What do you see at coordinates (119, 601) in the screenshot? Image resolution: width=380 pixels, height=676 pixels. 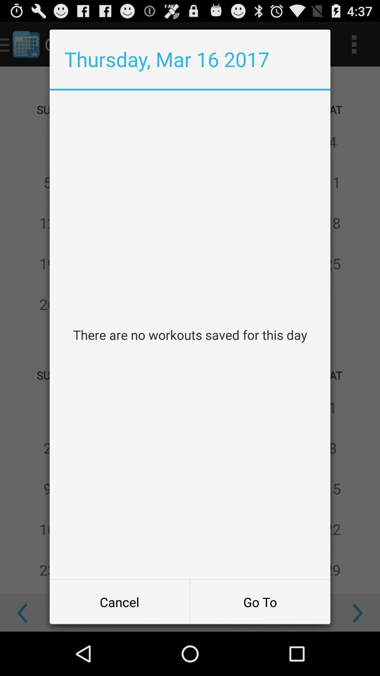 I see `icon to the left of go to item` at bounding box center [119, 601].